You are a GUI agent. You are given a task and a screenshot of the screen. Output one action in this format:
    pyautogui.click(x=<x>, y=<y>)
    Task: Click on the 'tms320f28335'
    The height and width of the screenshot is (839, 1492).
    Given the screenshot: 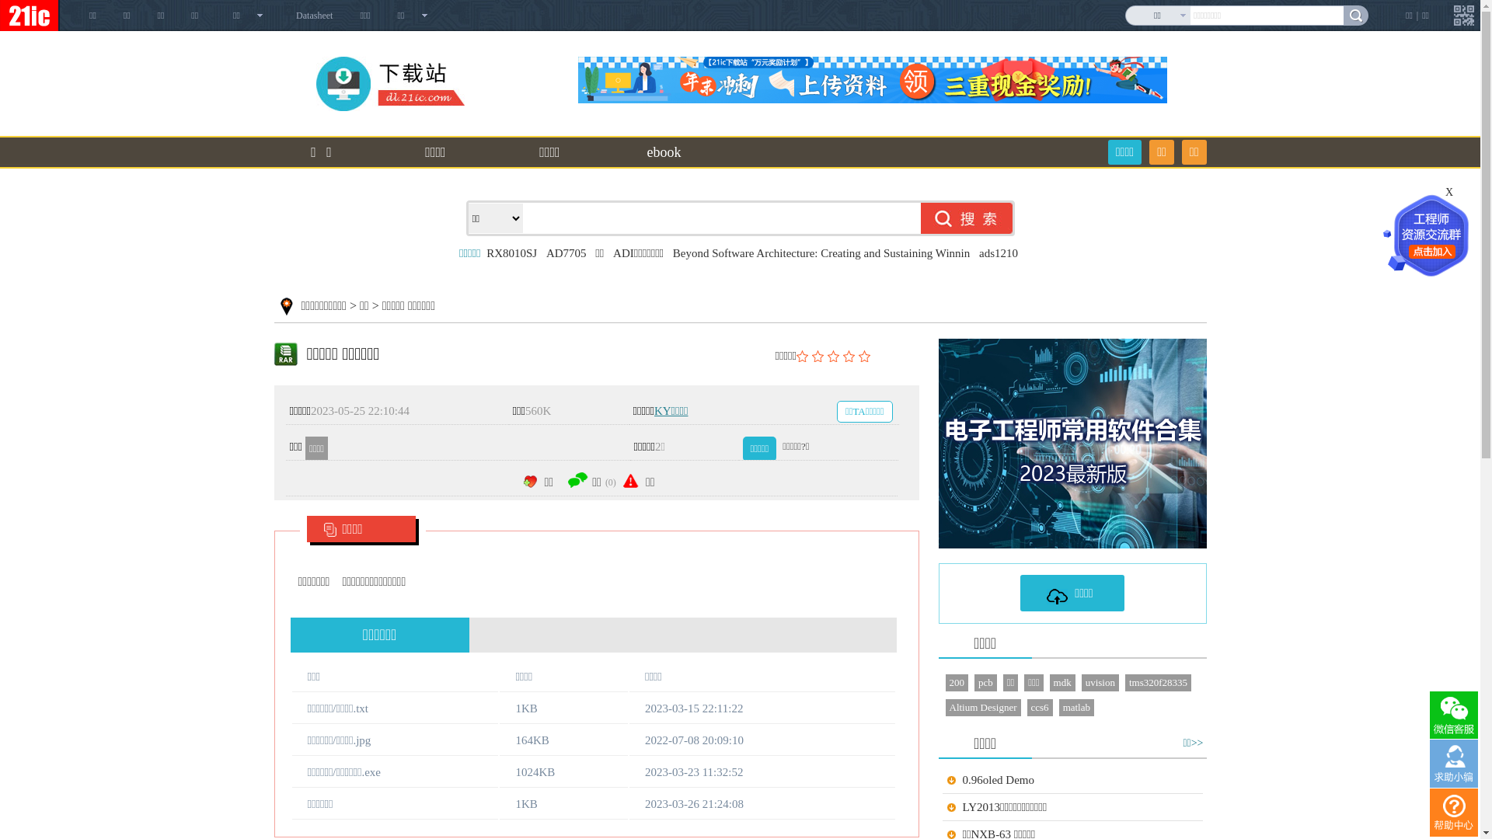 What is the action you would take?
    pyautogui.click(x=1158, y=682)
    